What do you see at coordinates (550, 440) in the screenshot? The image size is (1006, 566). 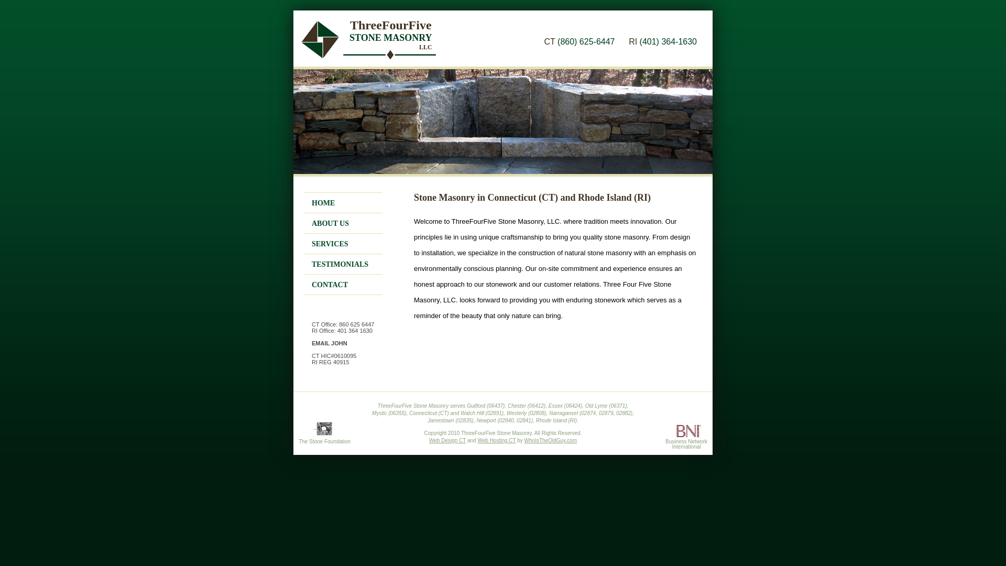 I see `'WhoIsTheOldGuy.com'` at bounding box center [550, 440].